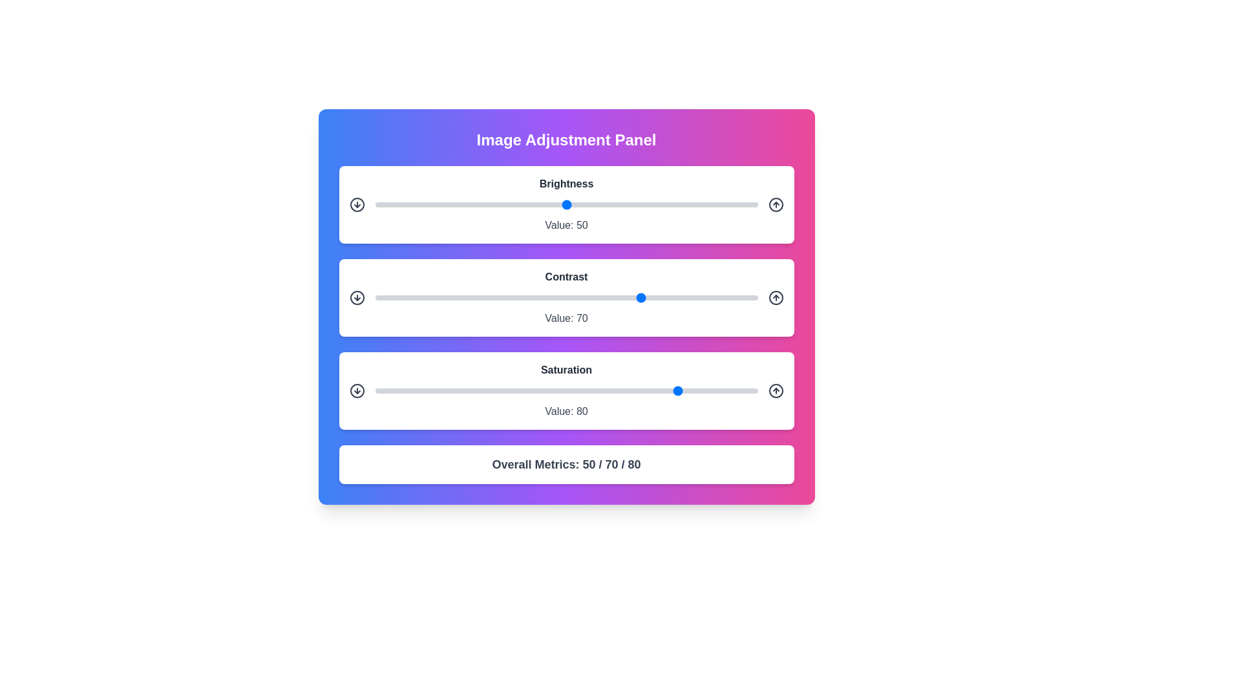 This screenshot has height=698, width=1241. Describe the element at coordinates (566, 319) in the screenshot. I see `the text label displaying 'Value: 70' located below the 'Contrast' slider in the second adjustment module of the interface` at that location.